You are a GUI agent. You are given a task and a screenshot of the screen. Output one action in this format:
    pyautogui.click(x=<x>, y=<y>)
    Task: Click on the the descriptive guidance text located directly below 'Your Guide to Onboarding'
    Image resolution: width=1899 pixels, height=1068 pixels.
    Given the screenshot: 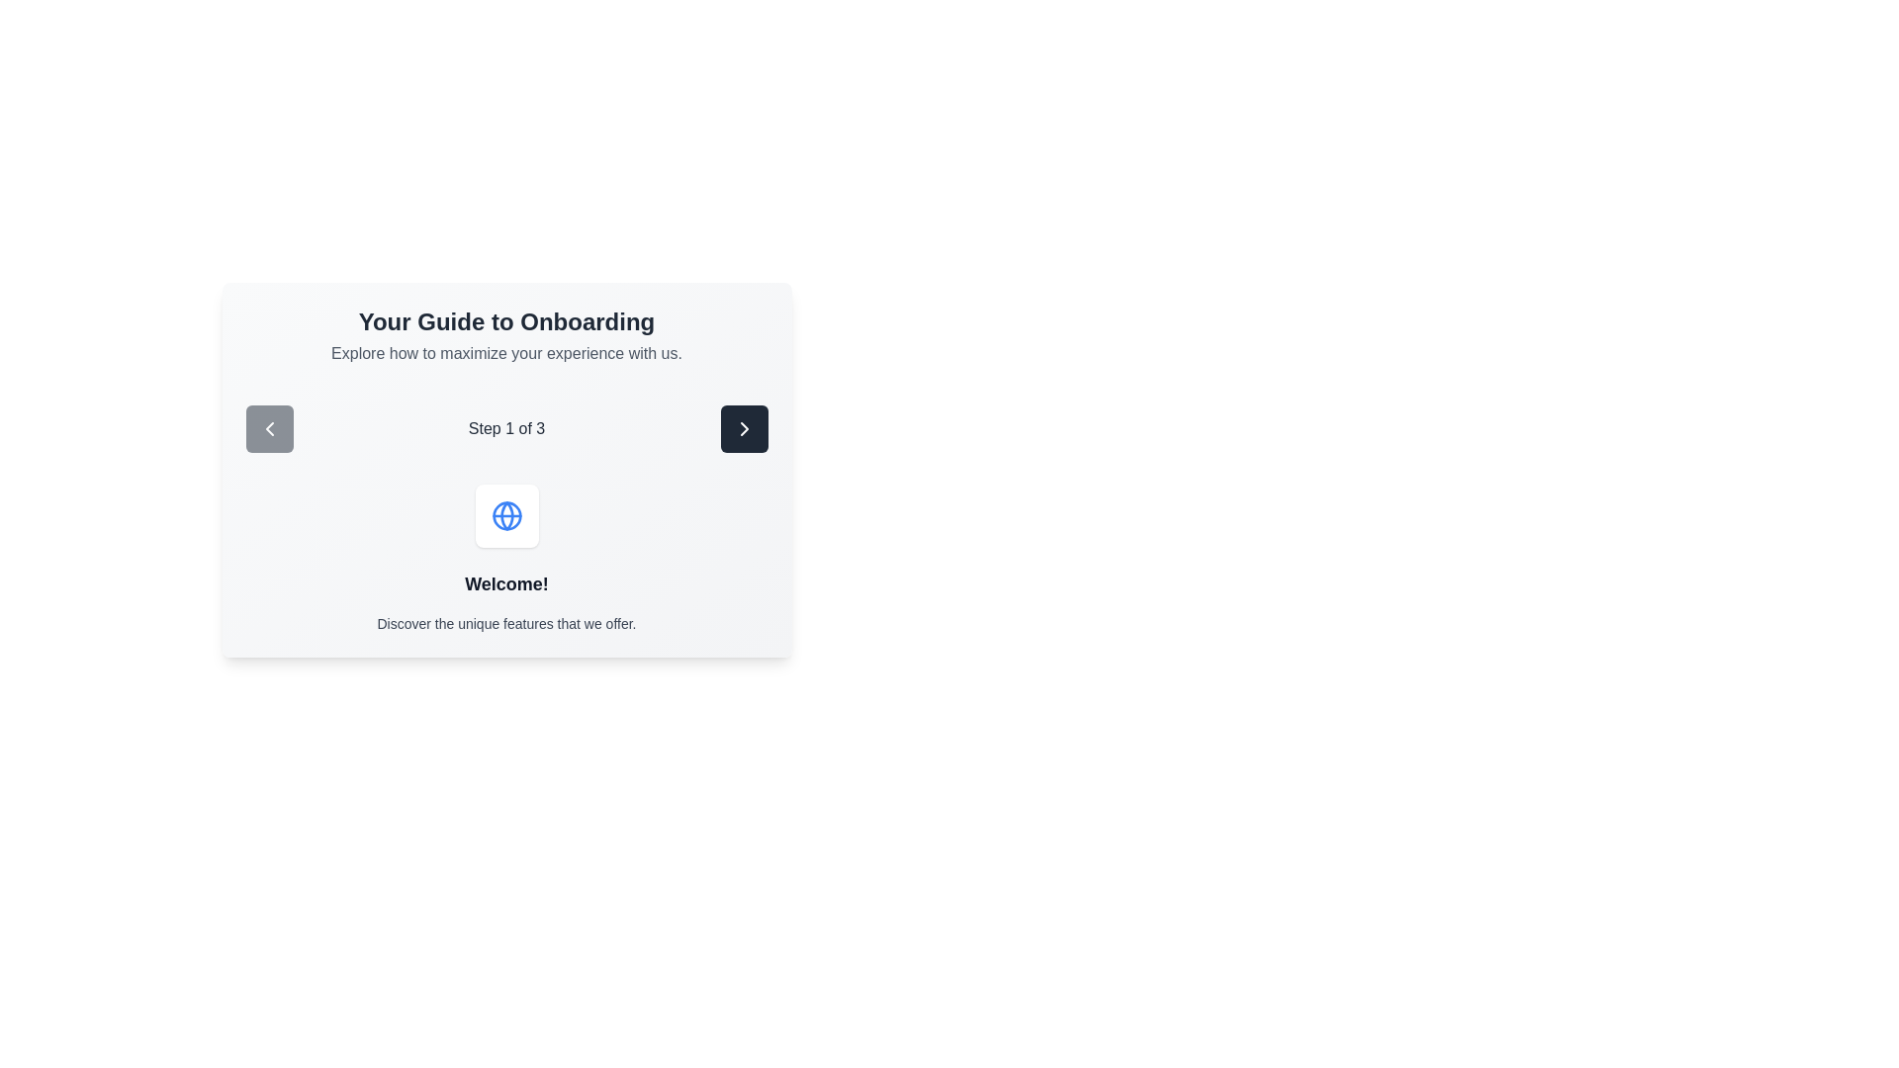 What is the action you would take?
    pyautogui.click(x=506, y=353)
    